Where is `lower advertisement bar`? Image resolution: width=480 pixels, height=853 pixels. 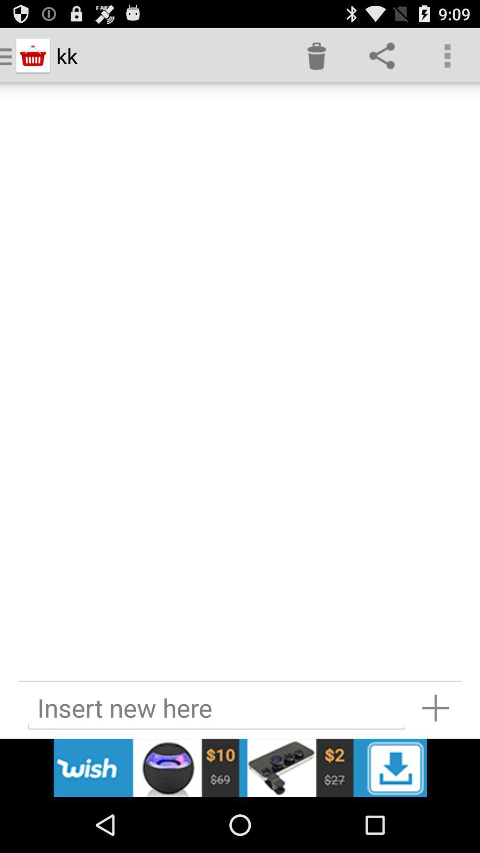
lower advertisement bar is located at coordinates (240, 767).